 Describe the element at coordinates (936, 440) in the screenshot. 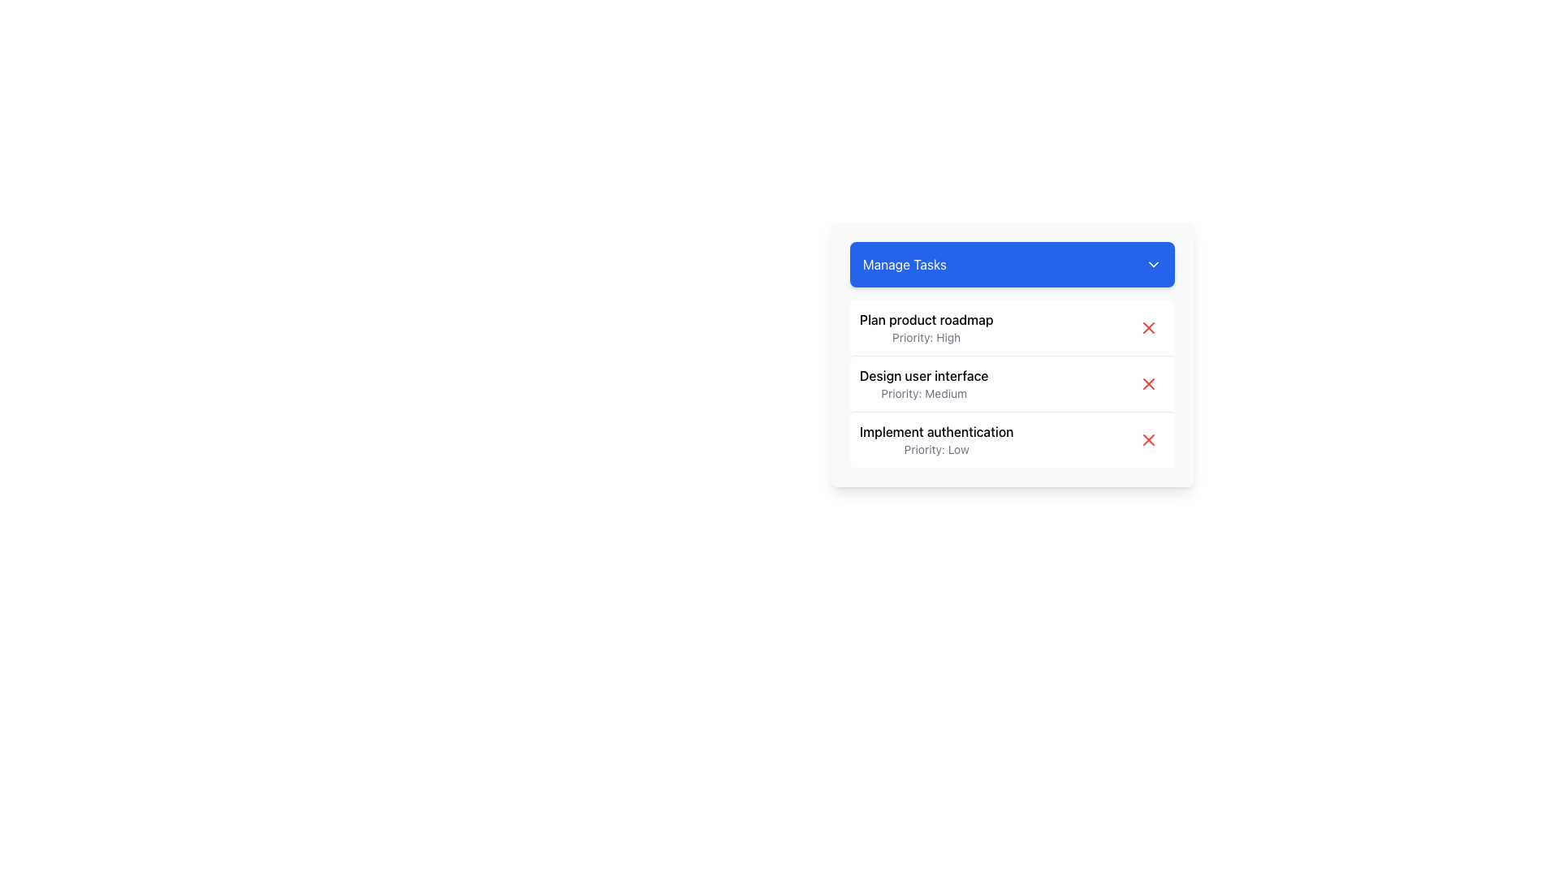

I see `text display containing the task details 'Implement authentication' and 'Priority: Low' located in the third row of the task list within the 'Manage Tasks' card` at that location.